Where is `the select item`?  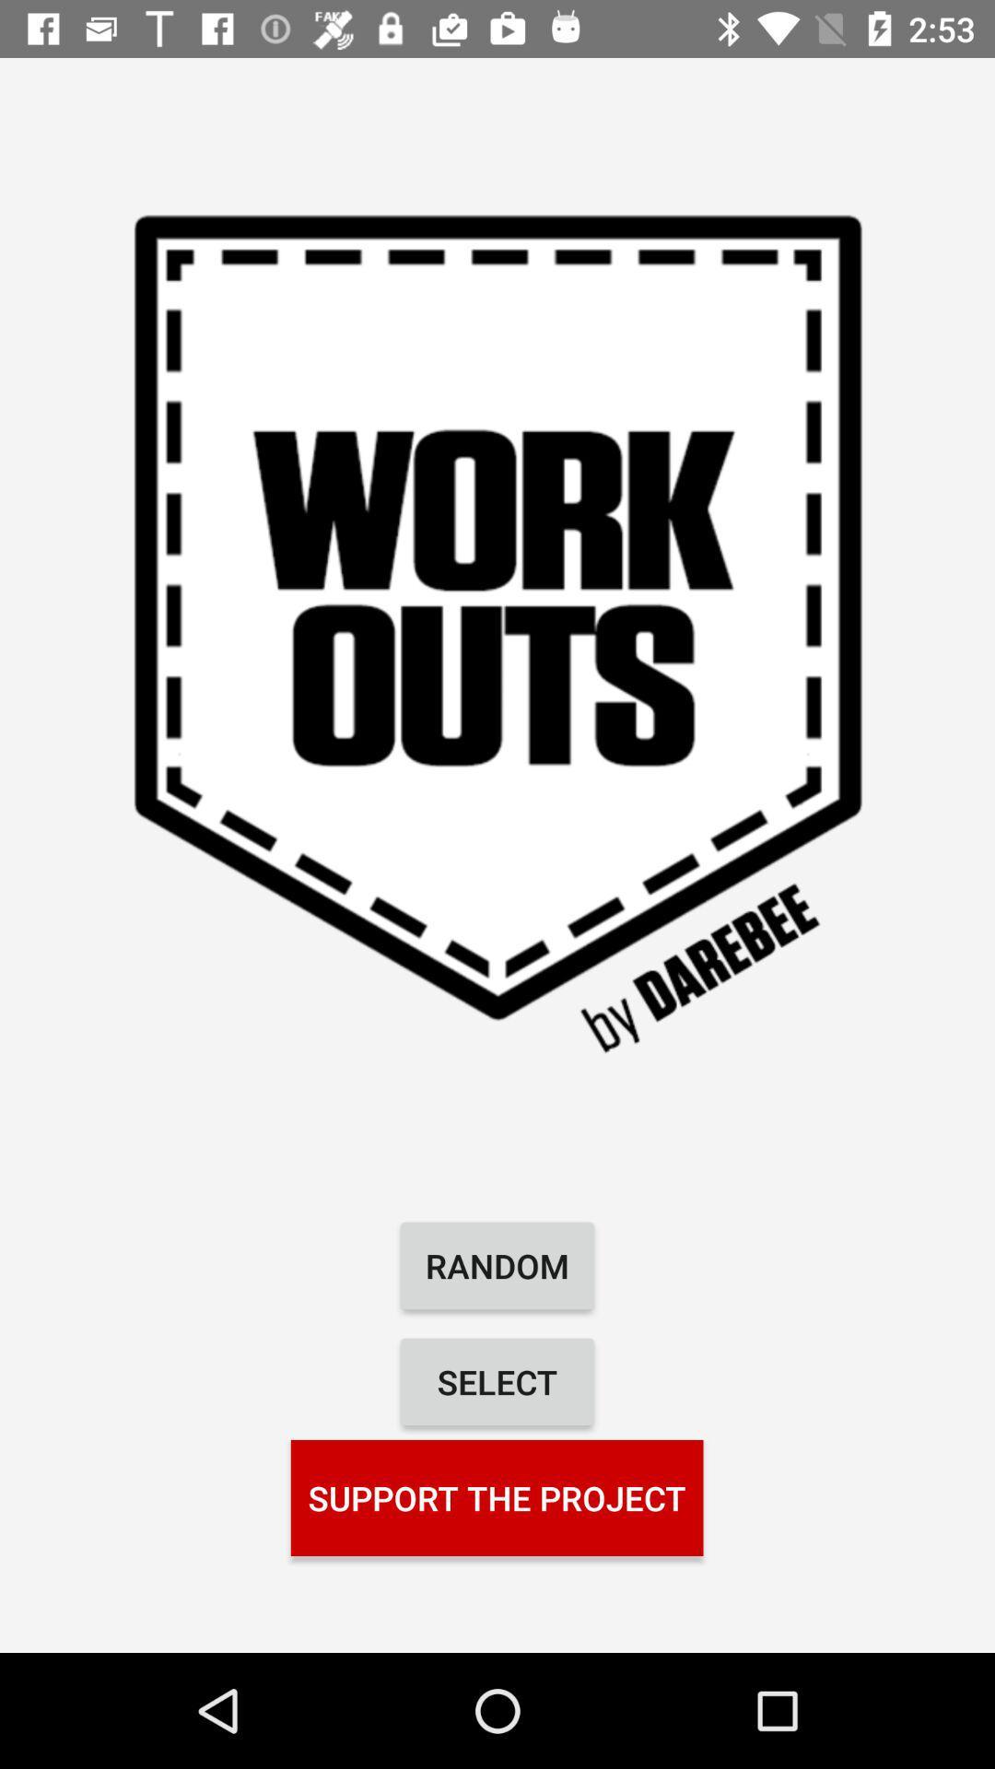 the select item is located at coordinates (497, 1381).